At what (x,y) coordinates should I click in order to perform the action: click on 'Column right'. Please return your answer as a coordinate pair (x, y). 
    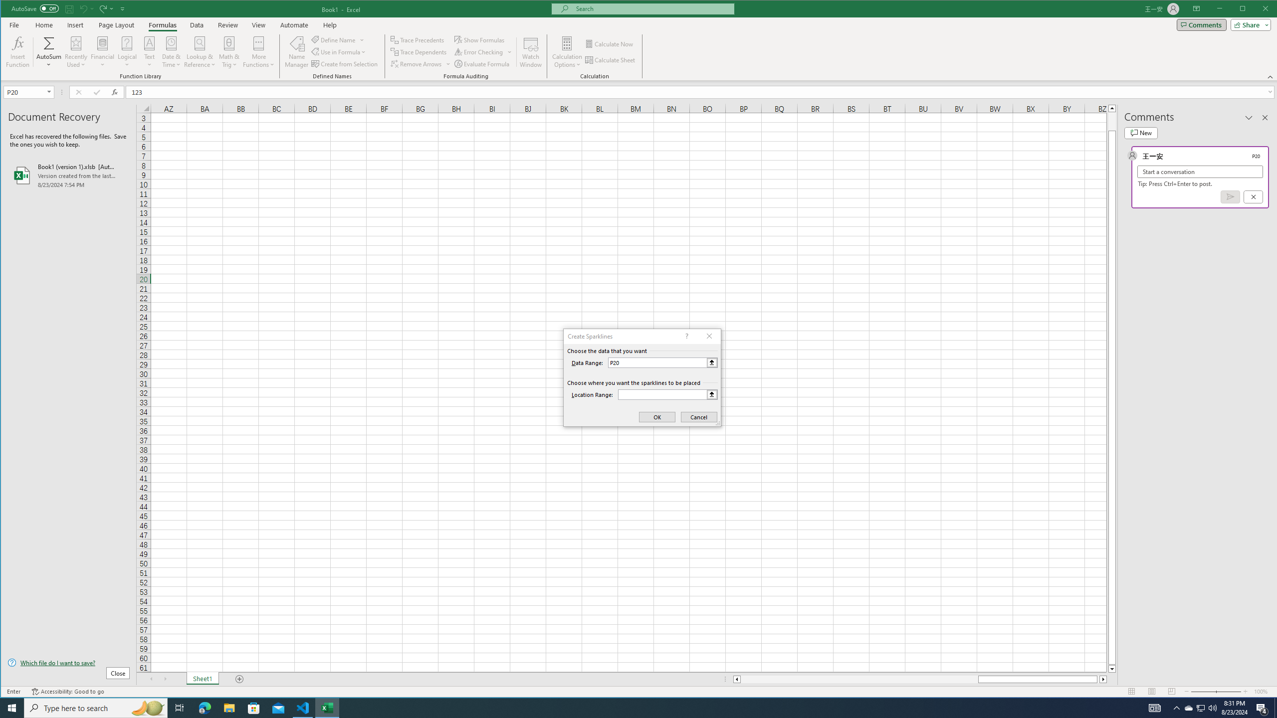
    Looking at the image, I should click on (1104, 679).